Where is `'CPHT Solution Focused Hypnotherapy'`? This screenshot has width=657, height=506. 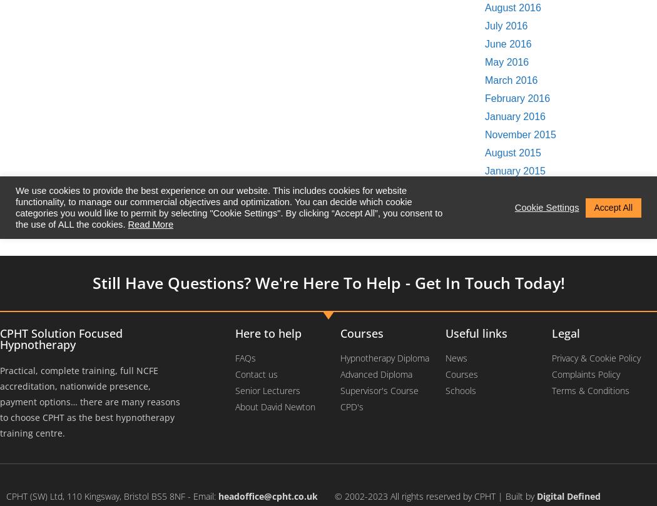 'CPHT Solution Focused Hypnotherapy' is located at coordinates (61, 338).